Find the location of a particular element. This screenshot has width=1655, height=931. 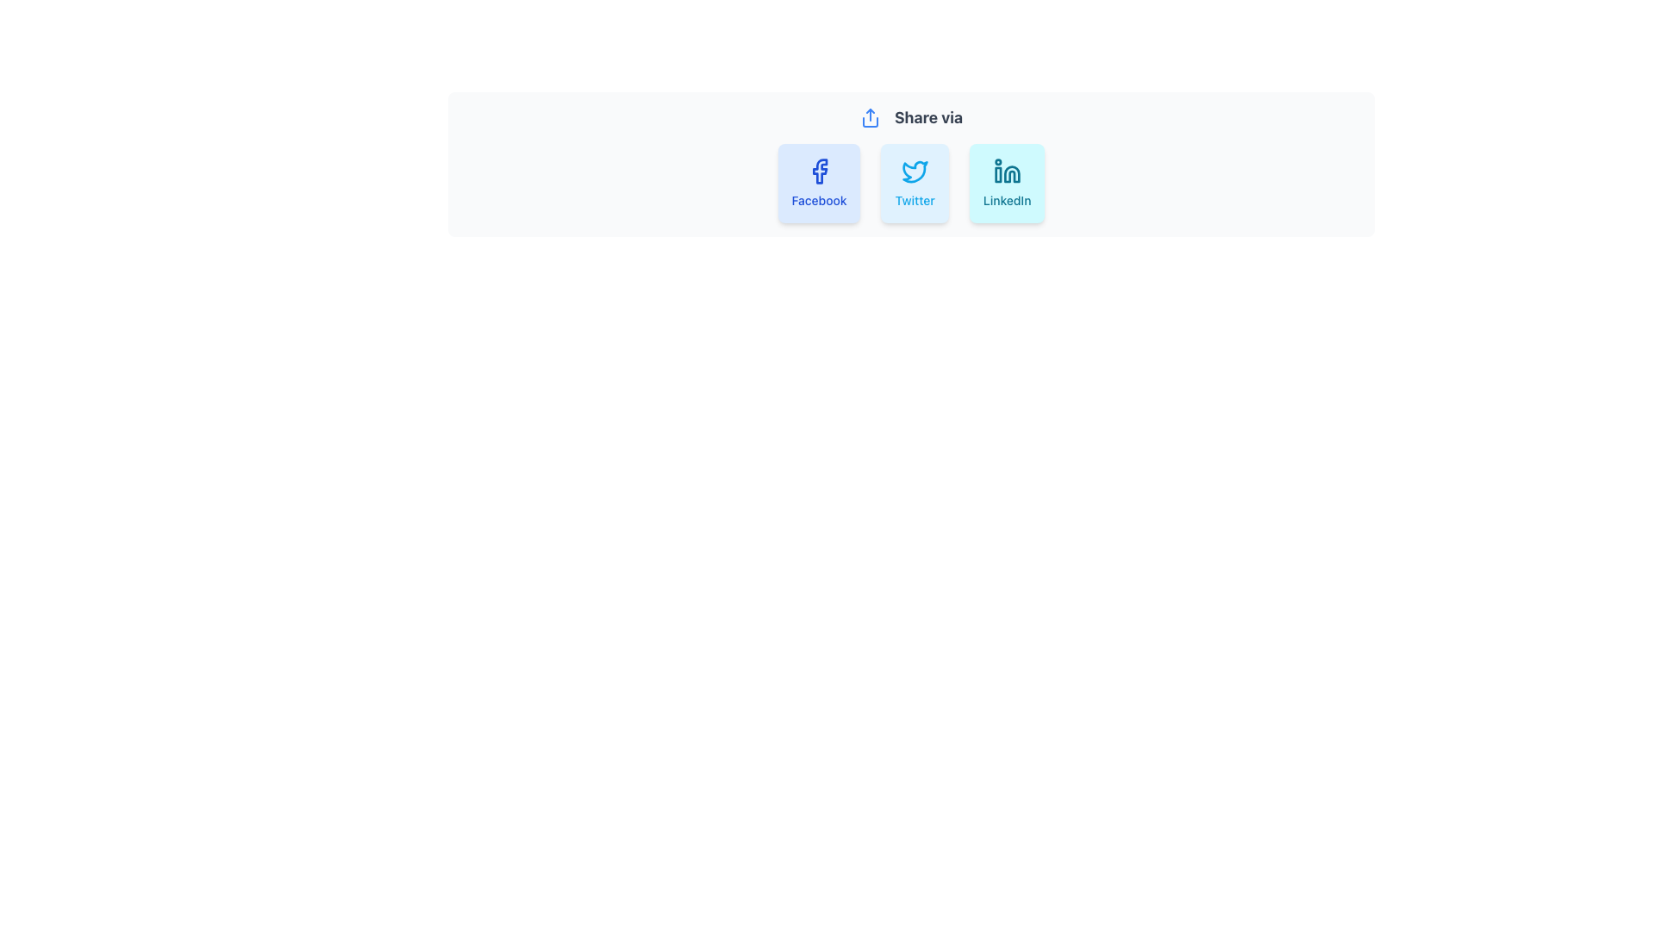

the LinkedIn icon, which is a cyan blue 'in' symbol located at the top center of the LinkedIn share button group is located at coordinates (1007, 172).